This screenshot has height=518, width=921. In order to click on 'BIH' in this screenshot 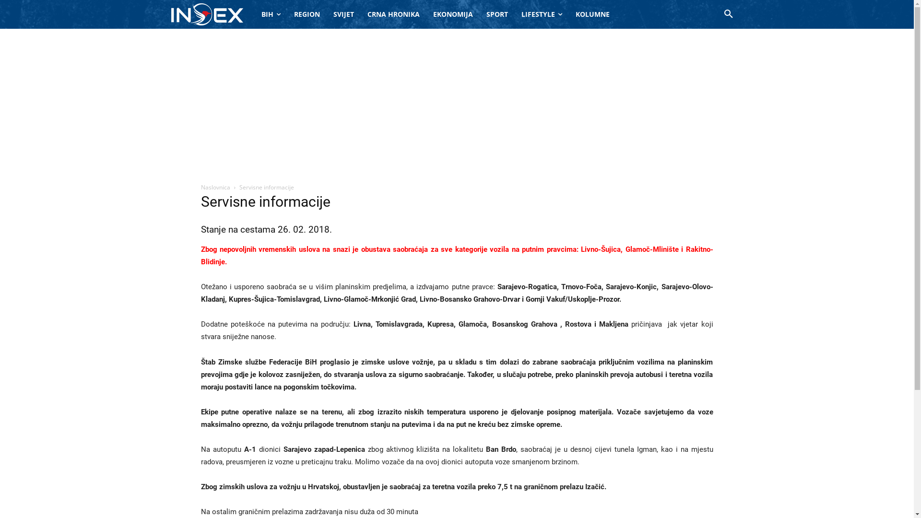, I will do `click(270, 14)`.